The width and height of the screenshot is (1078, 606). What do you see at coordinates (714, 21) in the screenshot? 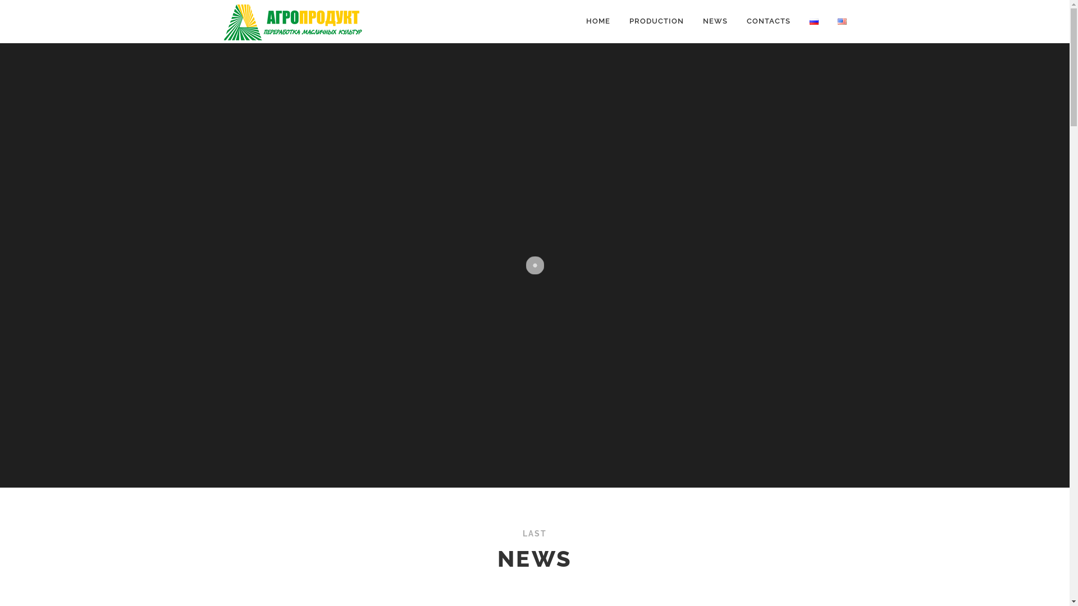
I see `'NEWS'` at bounding box center [714, 21].